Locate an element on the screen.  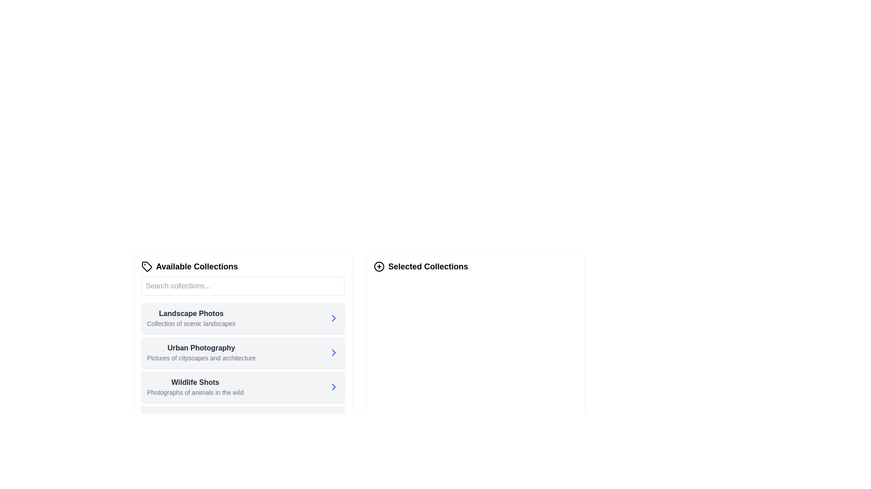
the 'Urban Photography' card component, which is the second card in the 'Available Collections' list is located at coordinates (243, 352).